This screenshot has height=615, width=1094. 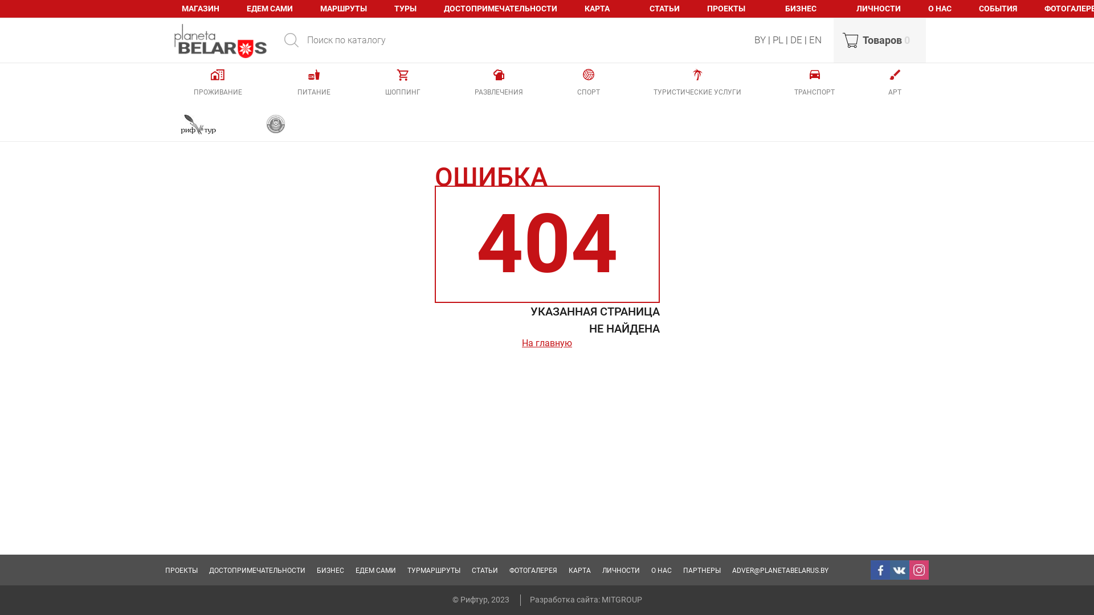 What do you see at coordinates (795, 39) in the screenshot?
I see `'DE'` at bounding box center [795, 39].